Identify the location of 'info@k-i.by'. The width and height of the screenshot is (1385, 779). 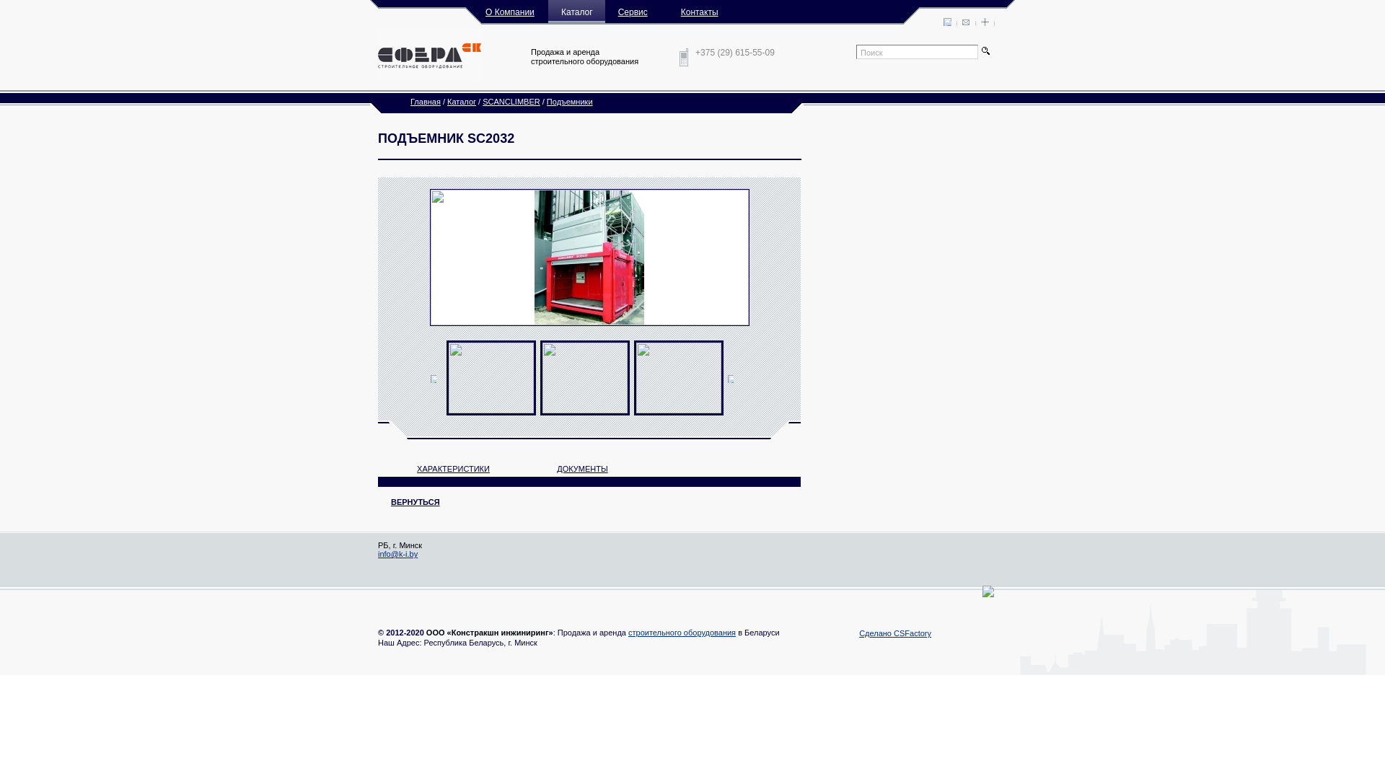
(397, 553).